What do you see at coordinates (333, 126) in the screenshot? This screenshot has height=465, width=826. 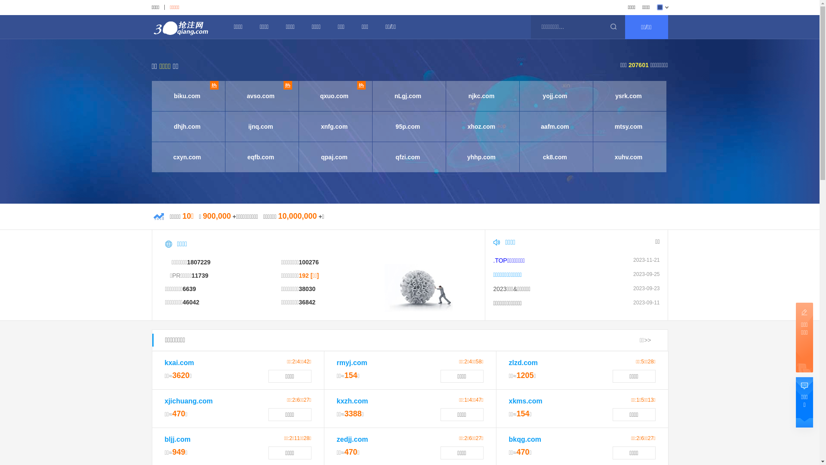 I see `'xnfg.com'` at bounding box center [333, 126].